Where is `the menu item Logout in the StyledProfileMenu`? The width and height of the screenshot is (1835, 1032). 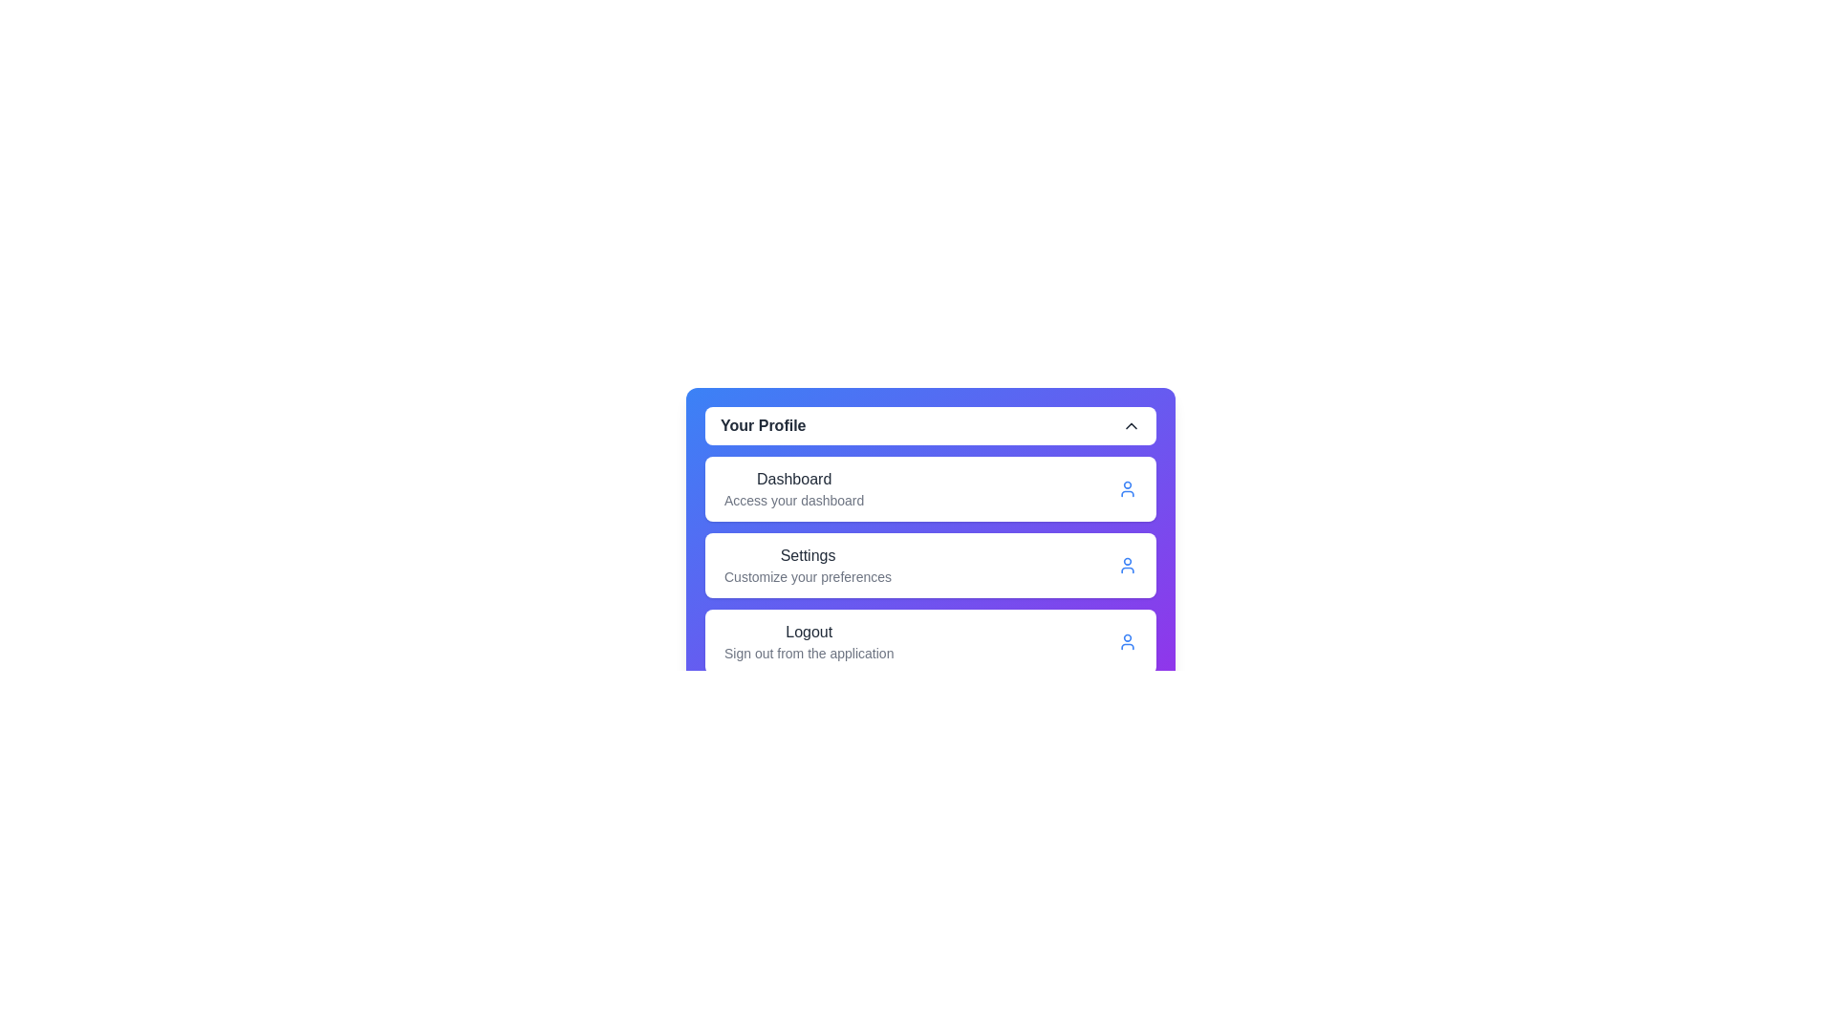 the menu item Logout in the StyledProfileMenu is located at coordinates (931, 641).